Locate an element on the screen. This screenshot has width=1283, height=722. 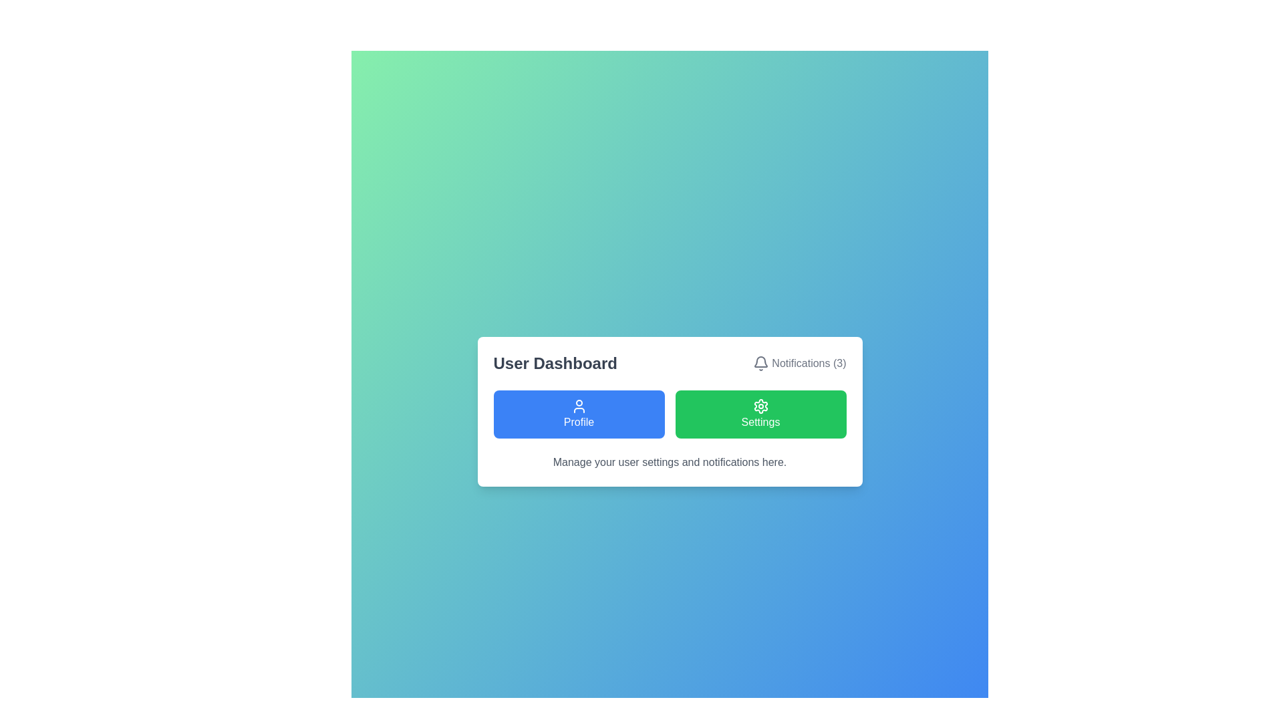
the cog icon with a rounded gear design, which is rendered in white on a green background and is centrally aligned within the green 'Settings' button is located at coordinates (760, 406).